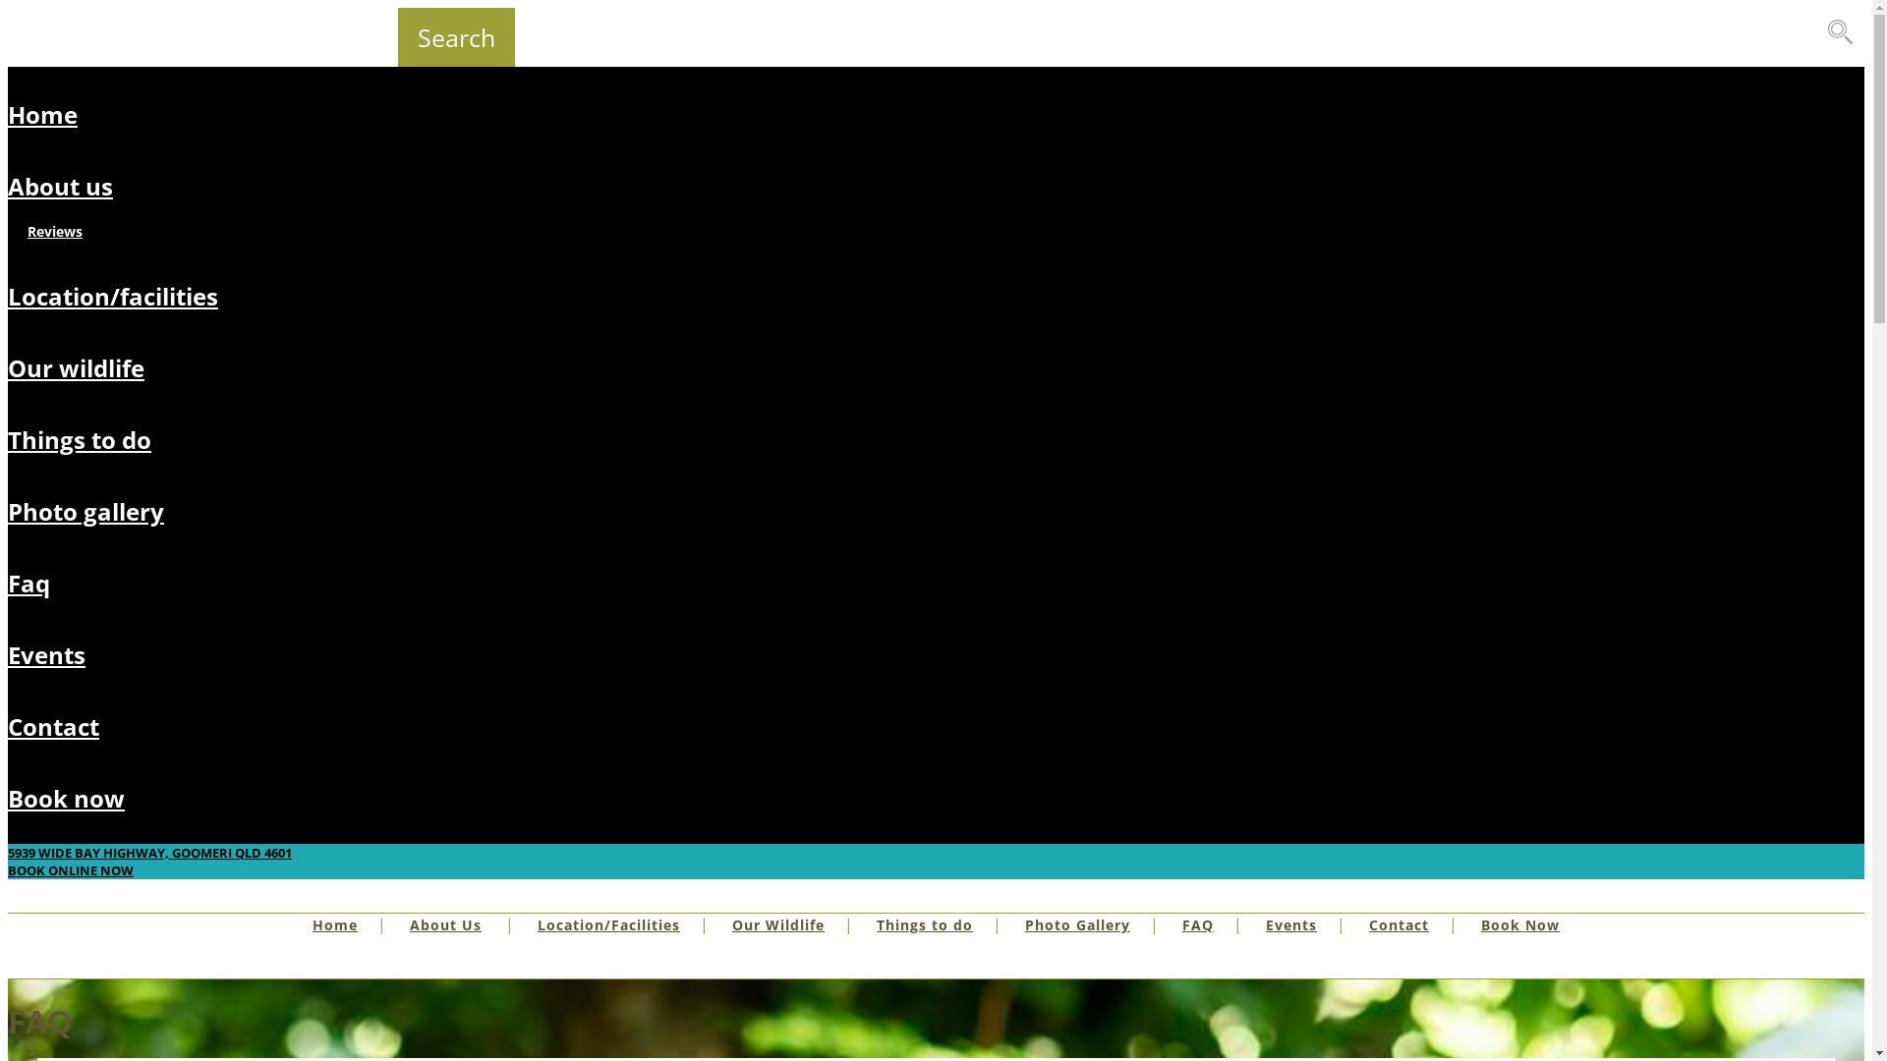 The image size is (1887, 1061). I want to click on 'photo gallery', so click(85, 510).